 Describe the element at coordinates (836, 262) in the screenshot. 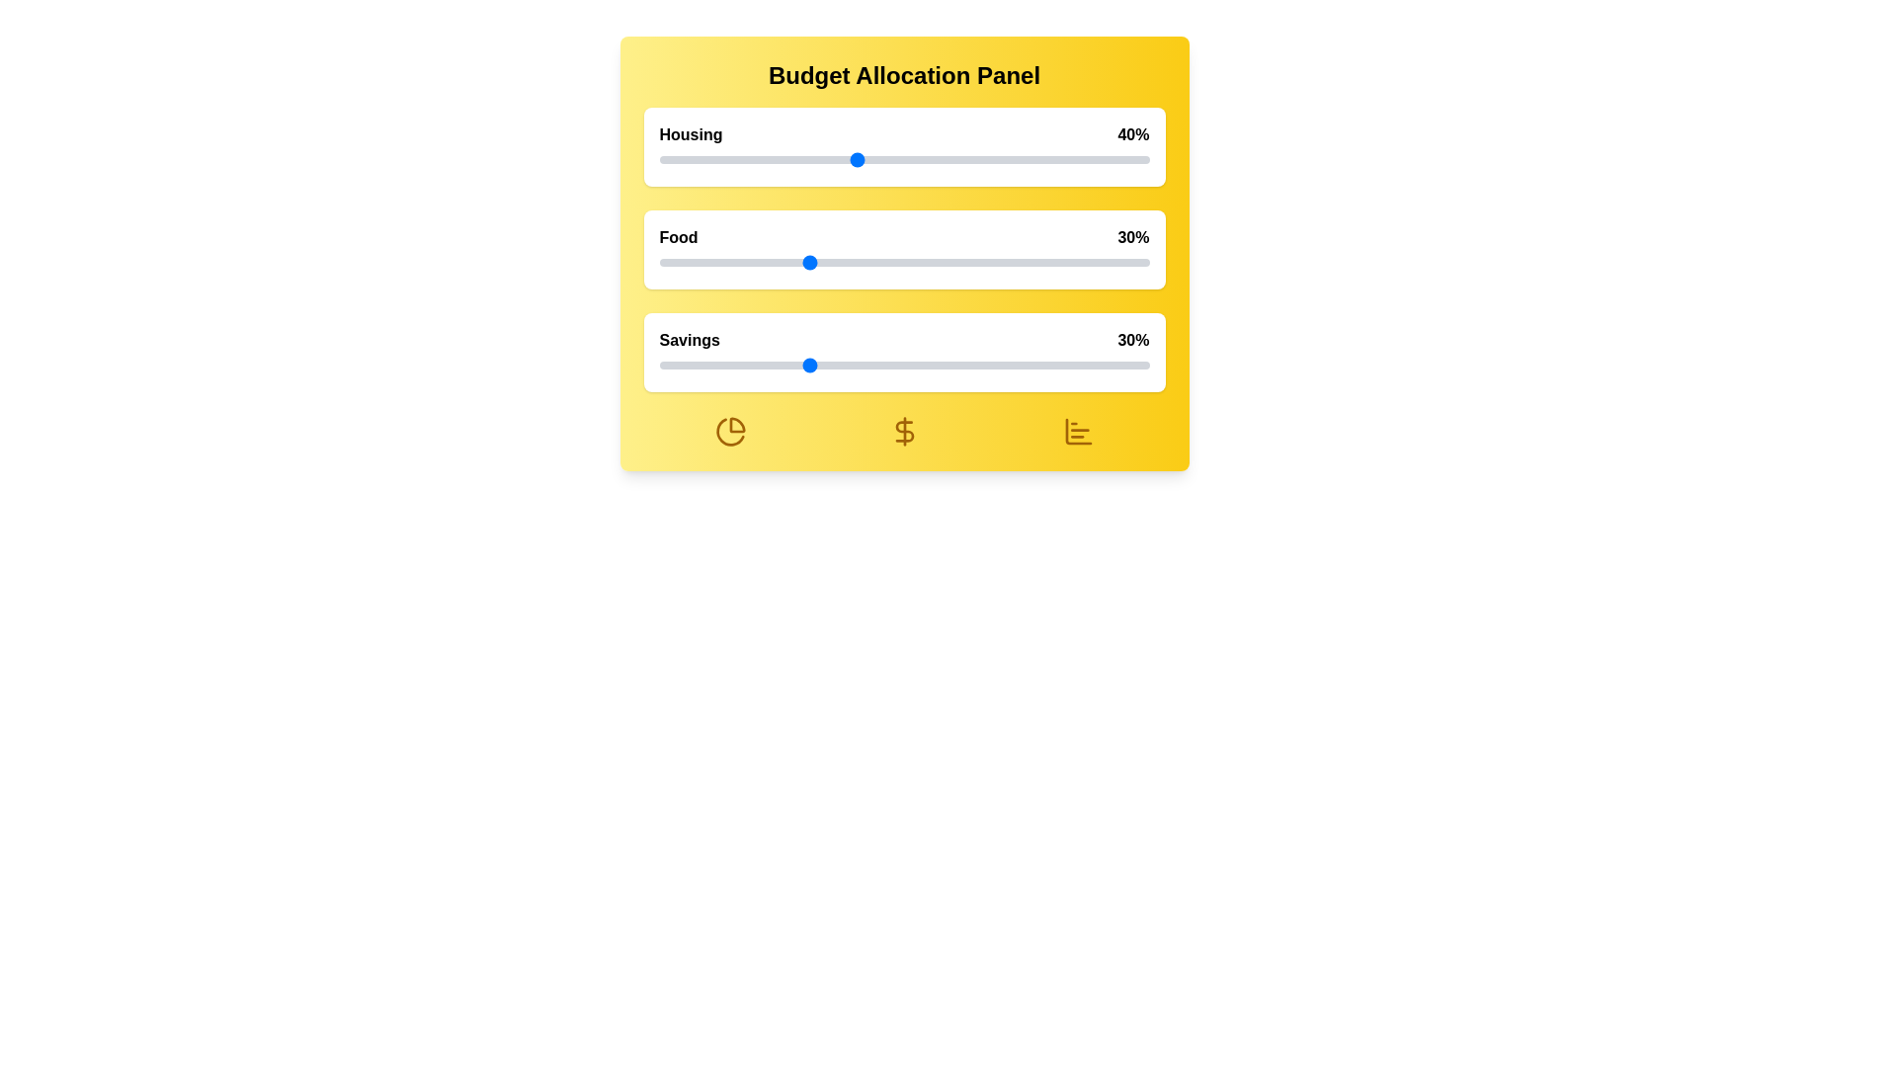

I see `the slider` at that location.